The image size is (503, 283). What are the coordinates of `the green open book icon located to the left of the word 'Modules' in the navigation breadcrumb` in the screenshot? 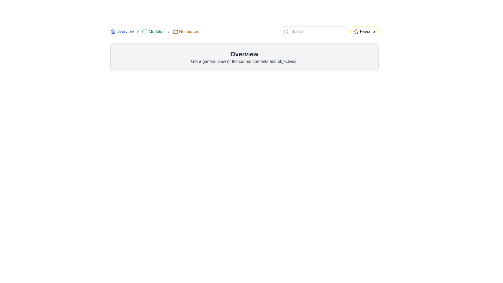 It's located at (145, 31).